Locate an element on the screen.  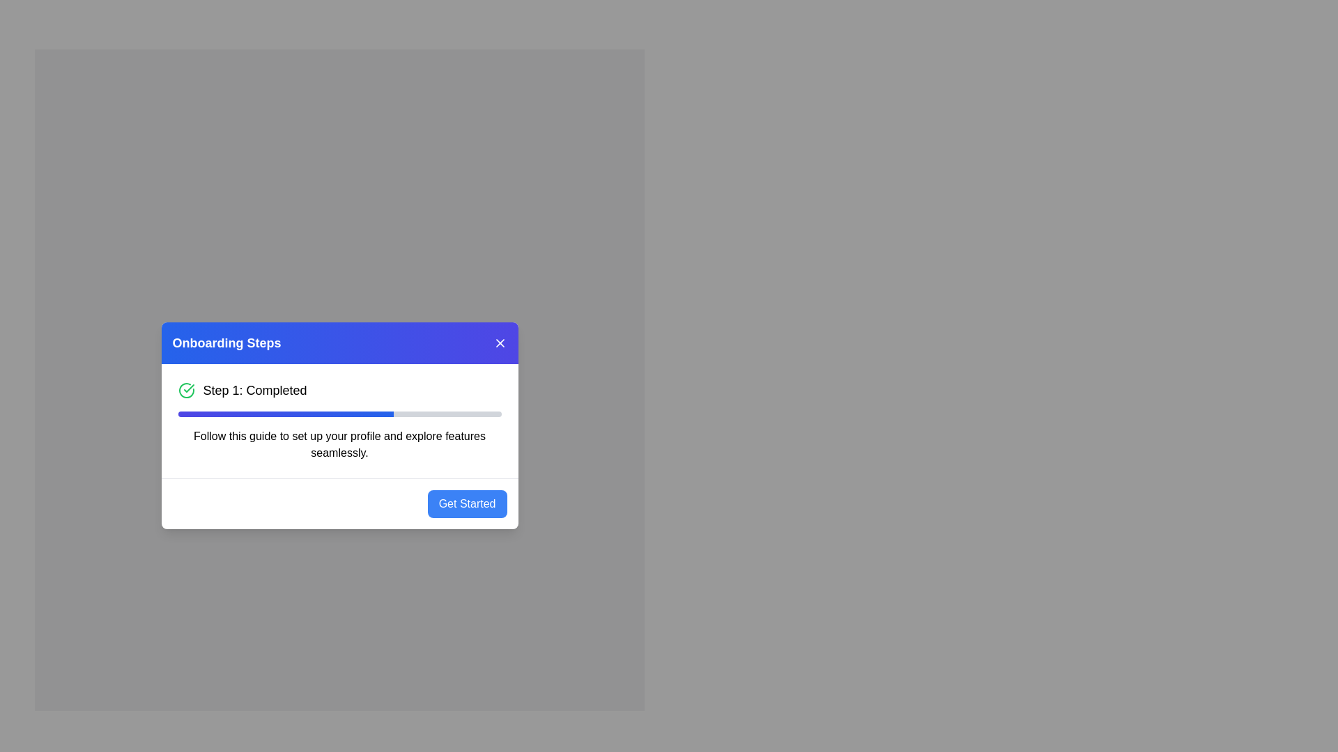
the icon representing the completion of 'Step 1: Completed', which is positioned to the far left of the segment adjacent to the step title text is located at coordinates (185, 390).